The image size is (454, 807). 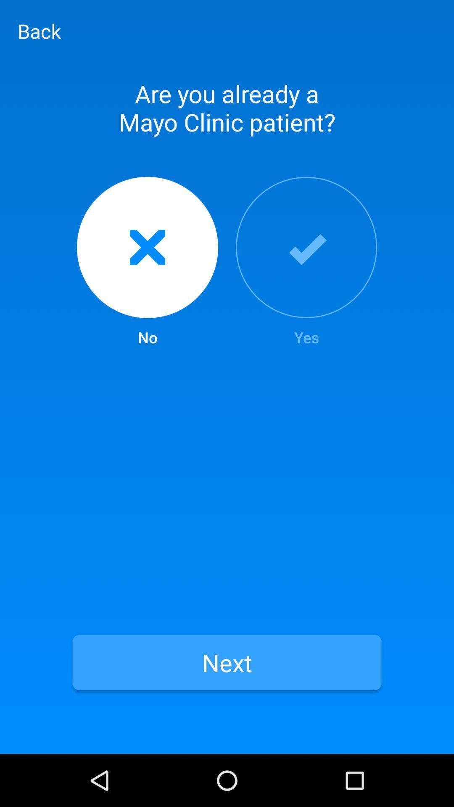 What do you see at coordinates (306, 262) in the screenshot?
I see `the yes` at bounding box center [306, 262].